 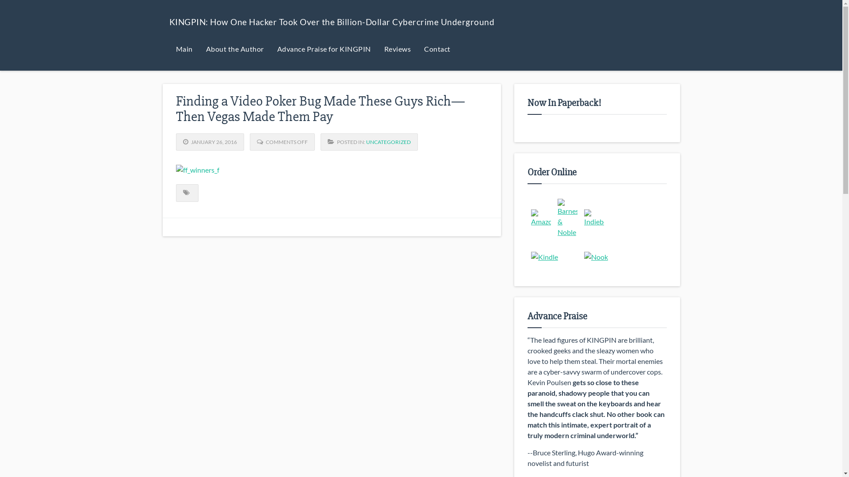 I want to click on 'Nook', so click(x=596, y=257).